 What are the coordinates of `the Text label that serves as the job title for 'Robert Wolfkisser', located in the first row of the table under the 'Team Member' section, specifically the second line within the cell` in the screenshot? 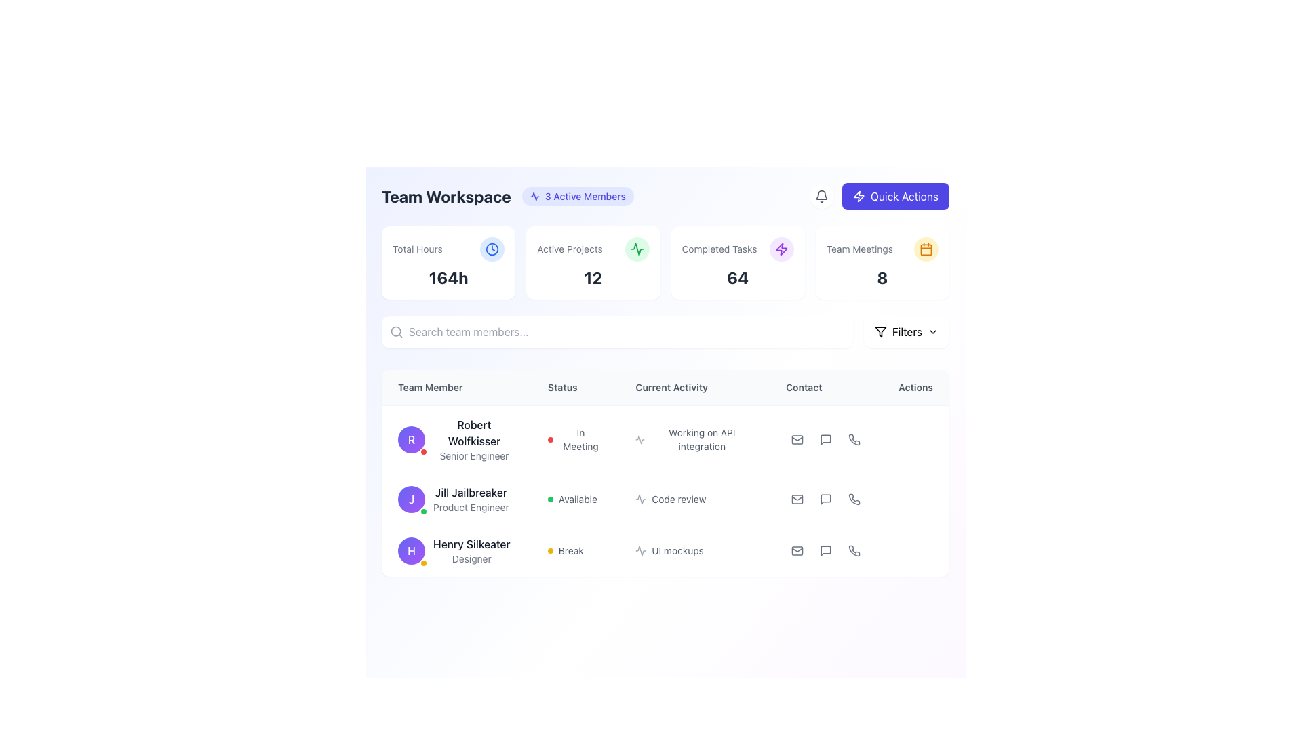 It's located at (474, 455).